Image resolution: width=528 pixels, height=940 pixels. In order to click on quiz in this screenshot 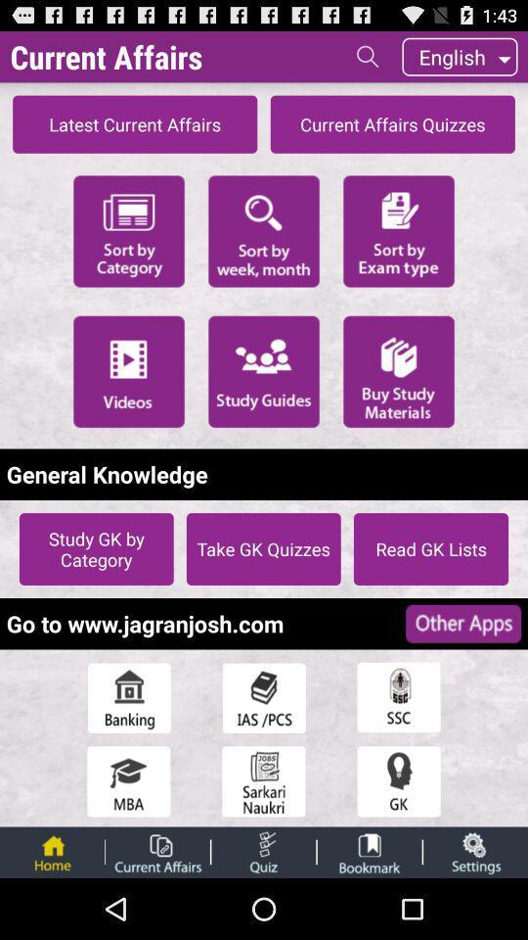, I will do `click(263, 851)`.